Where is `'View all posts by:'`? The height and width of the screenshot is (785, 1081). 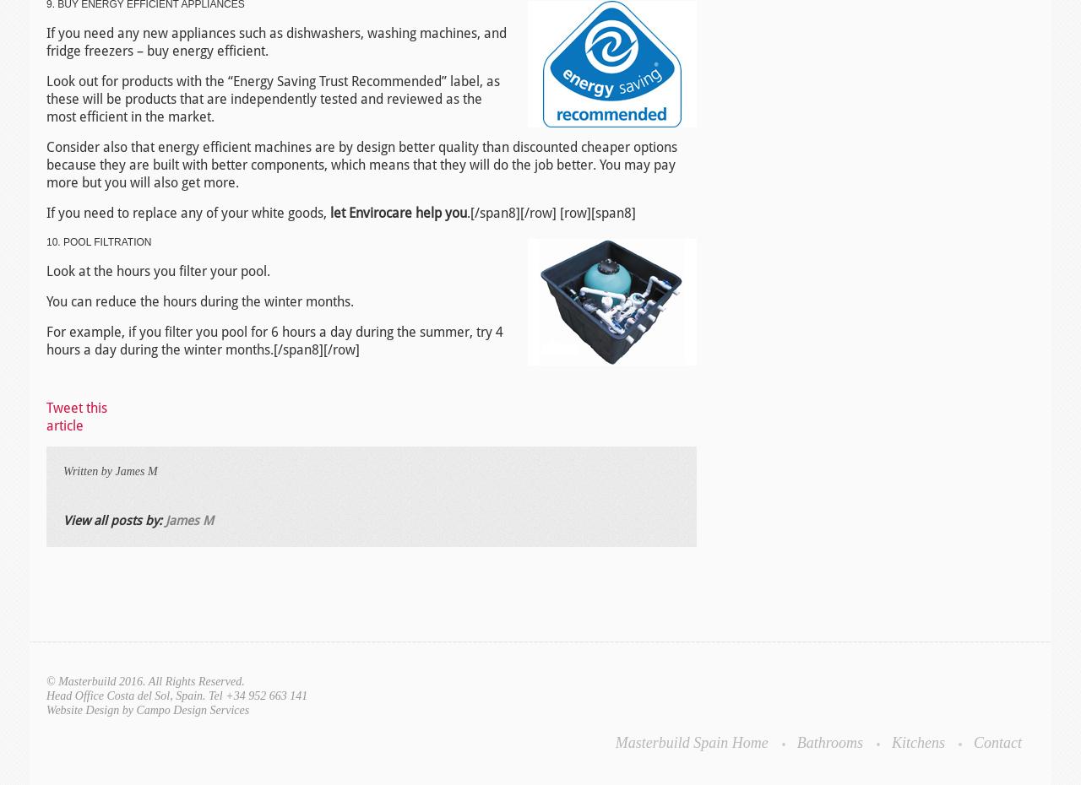 'View all posts by:' is located at coordinates (113, 520).